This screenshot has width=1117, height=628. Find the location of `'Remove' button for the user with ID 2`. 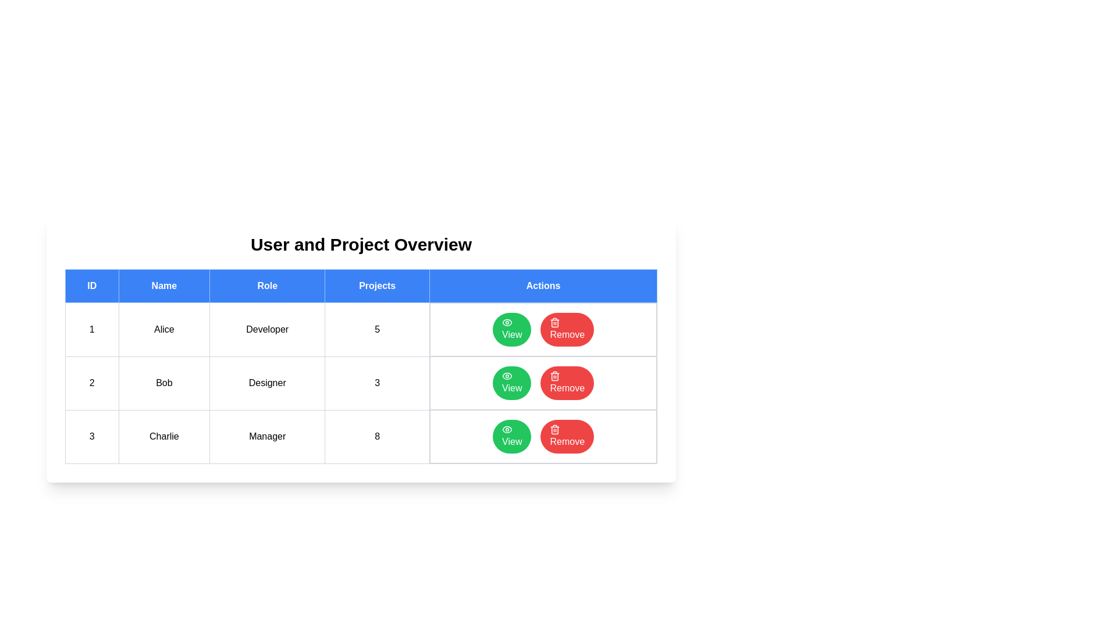

'Remove' button for the user with ID 2 is located at coordinates (567, 383).